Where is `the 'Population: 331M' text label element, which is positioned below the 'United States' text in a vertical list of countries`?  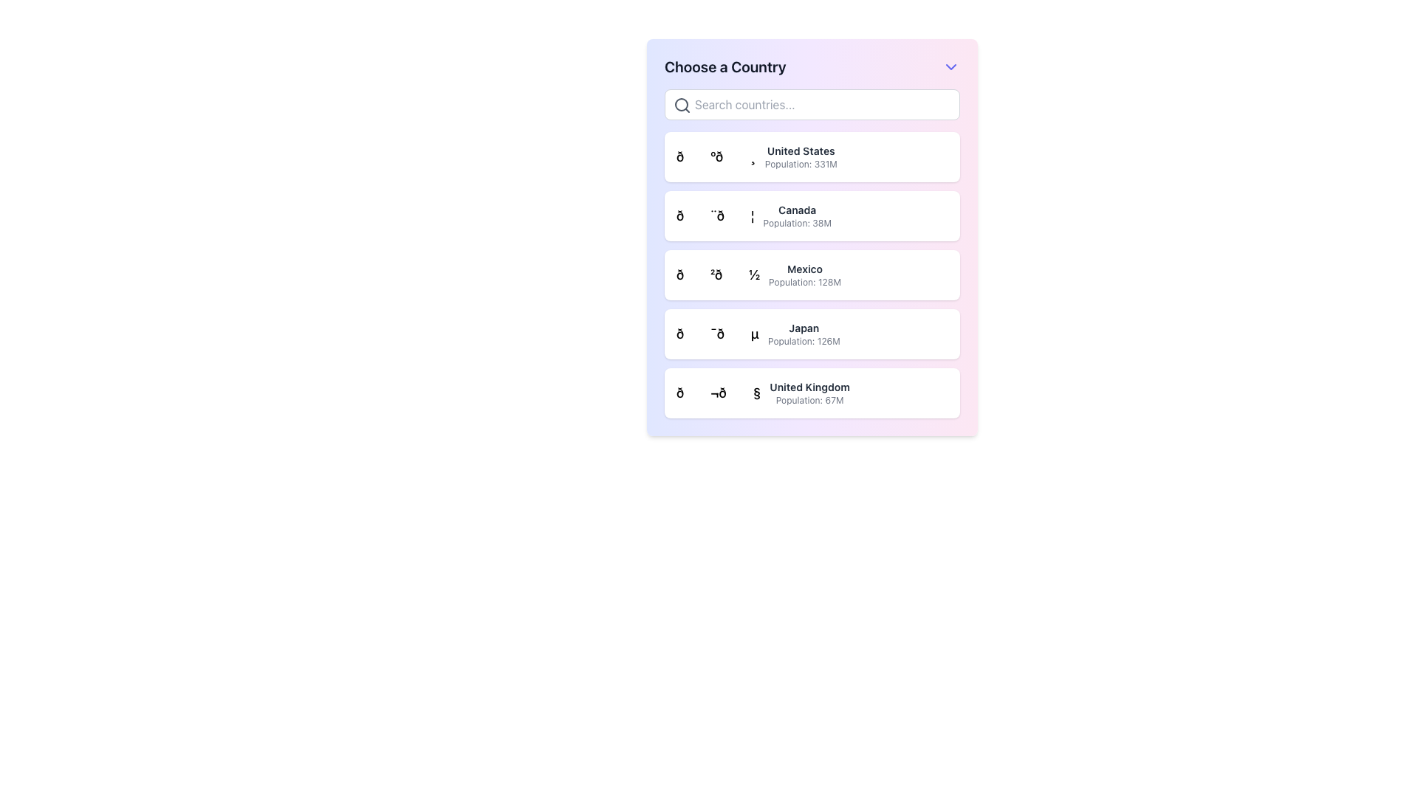
the 'Population: 331M' text label element, which is positioned below the 'United States' text in a vertical list of countries is located at coordinates (800, 165).